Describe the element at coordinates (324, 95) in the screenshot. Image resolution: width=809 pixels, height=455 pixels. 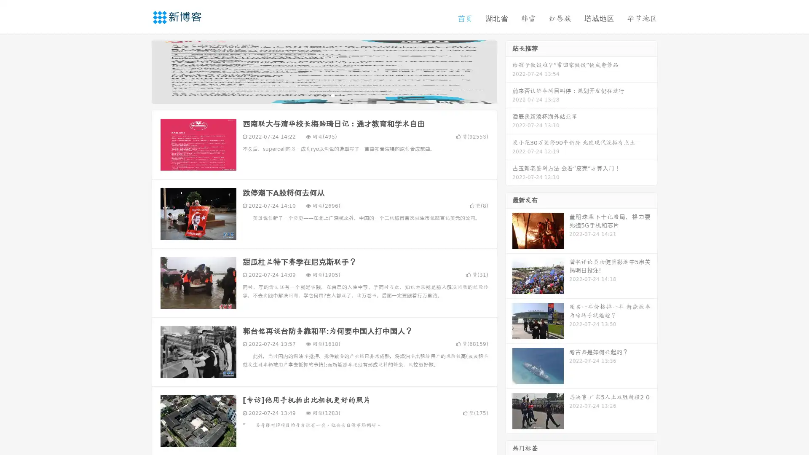
I see `Go to slide 2` at that location.